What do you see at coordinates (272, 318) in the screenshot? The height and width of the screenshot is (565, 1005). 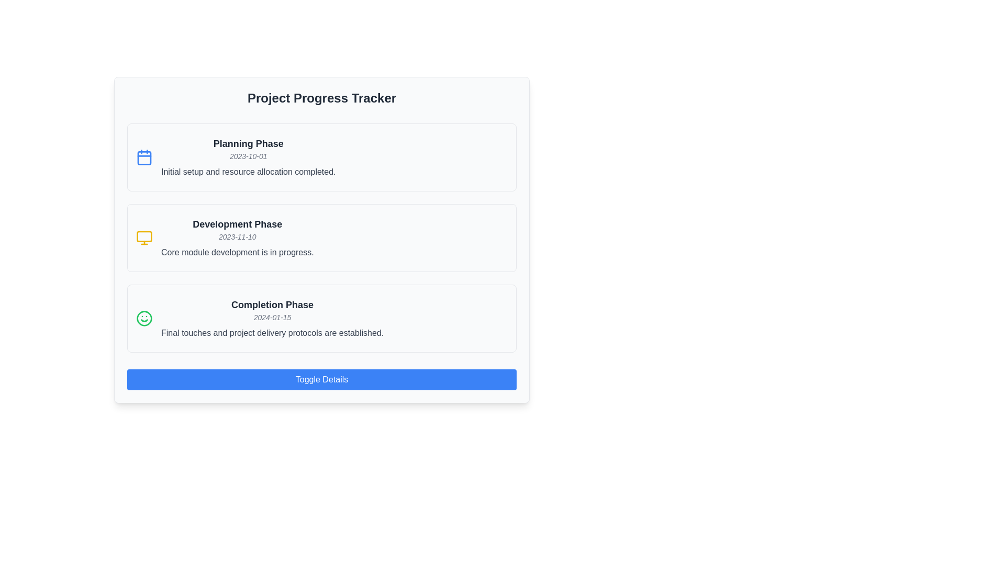 I see `the text block displaying 'Completion Phase' with the date '2024-01-15' and description 'Final touches and project delivery protocols are established.' located at the bottom of the vertical progression tracker` at bounding box center [272, 318].